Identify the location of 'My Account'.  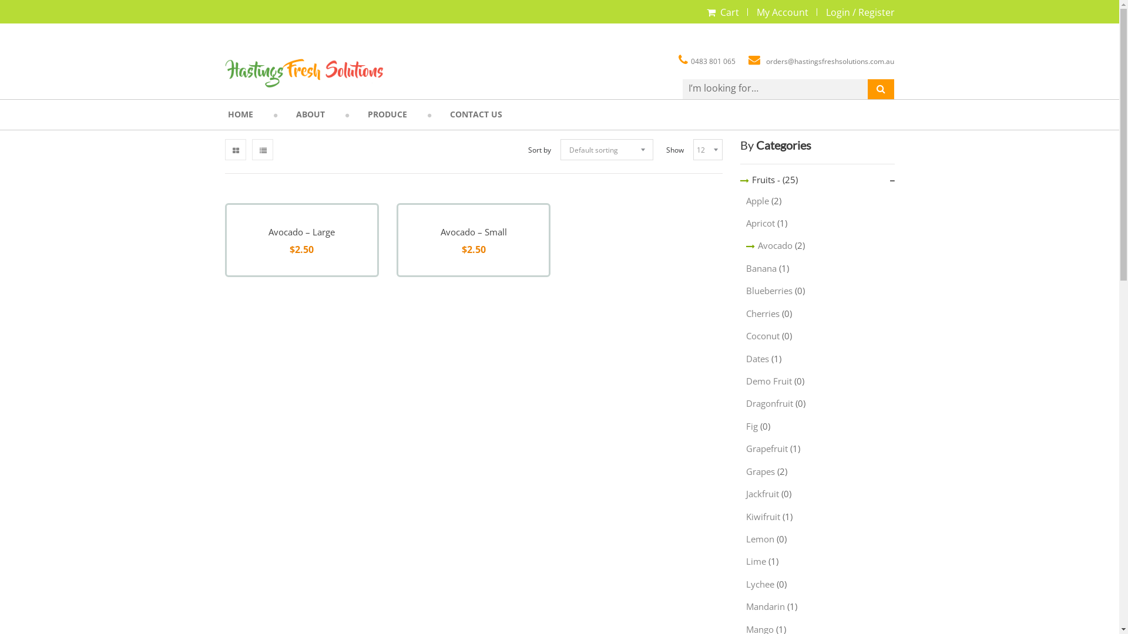
(782, 12).